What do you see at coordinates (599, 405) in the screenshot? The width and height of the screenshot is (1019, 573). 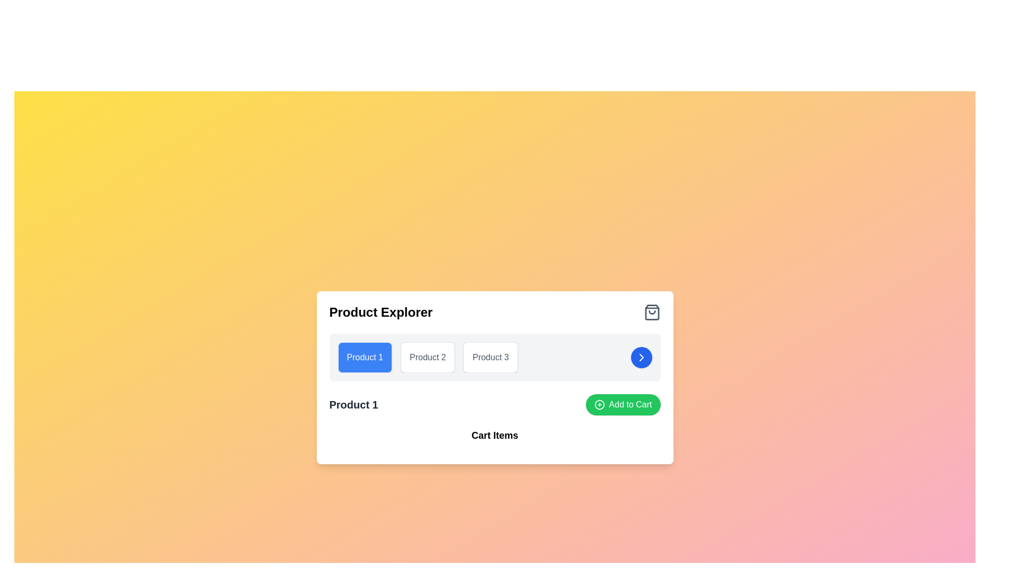 I see `the '+' icon inside the green 'Add to Cart' button, which is styled with a thin border and centered cross` at bounding box center [599, 405].